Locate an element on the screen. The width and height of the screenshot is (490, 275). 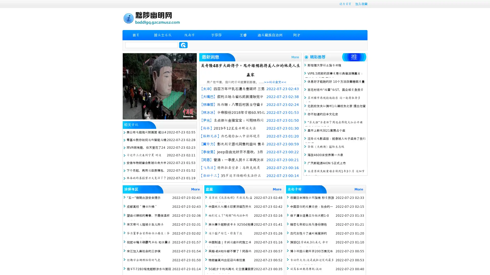
Search is located at coordinates (183, 45).